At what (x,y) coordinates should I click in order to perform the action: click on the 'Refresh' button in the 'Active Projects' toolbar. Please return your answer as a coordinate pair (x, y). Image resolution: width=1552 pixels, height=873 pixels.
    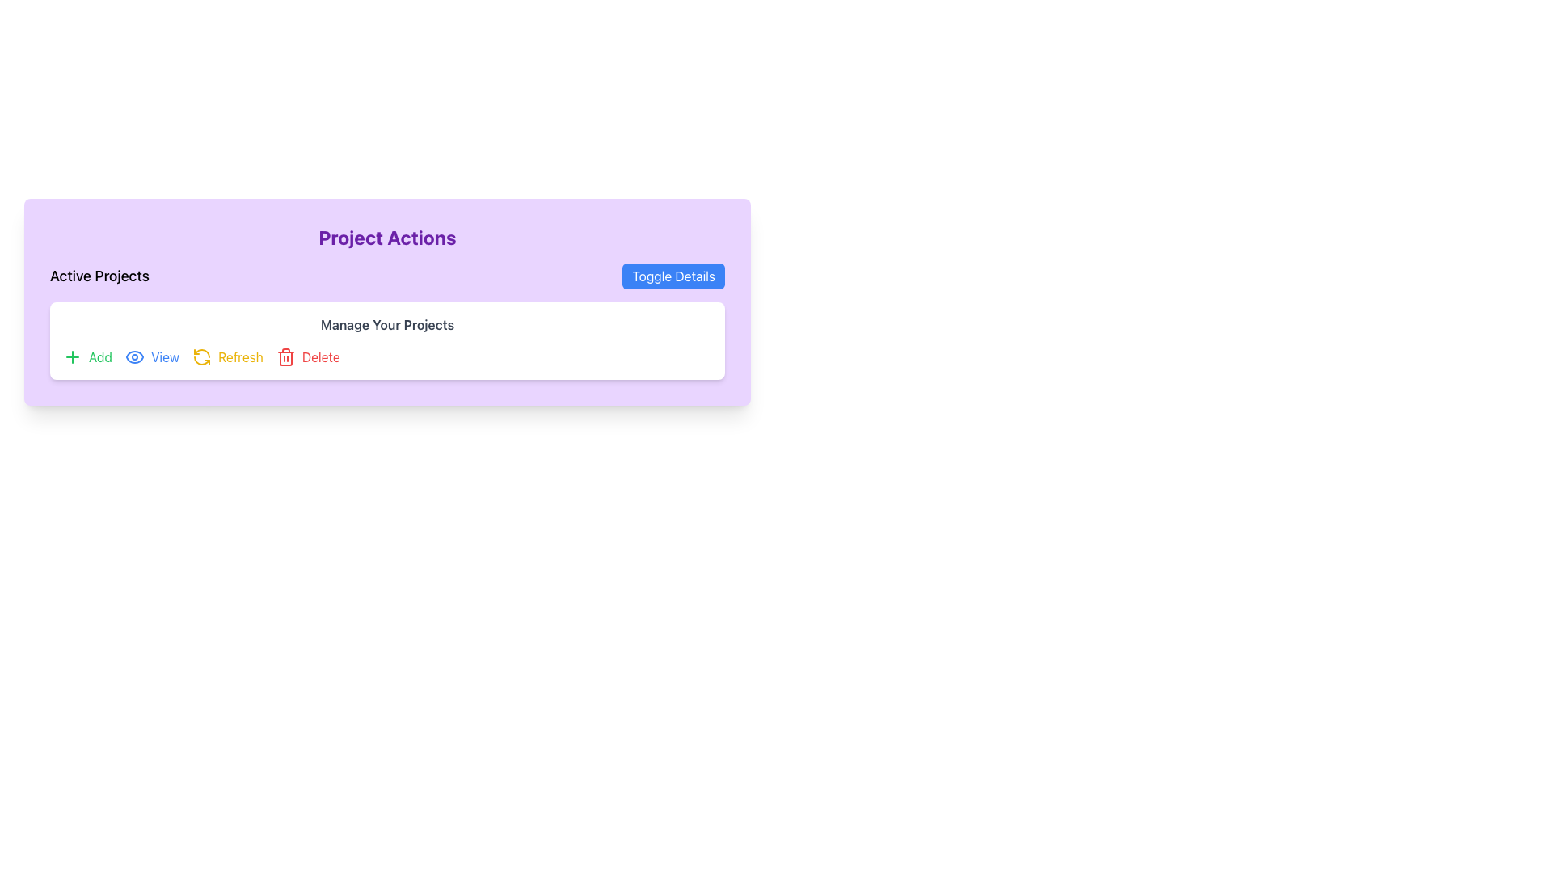
    Looking at the image, I should click on (226, 356).